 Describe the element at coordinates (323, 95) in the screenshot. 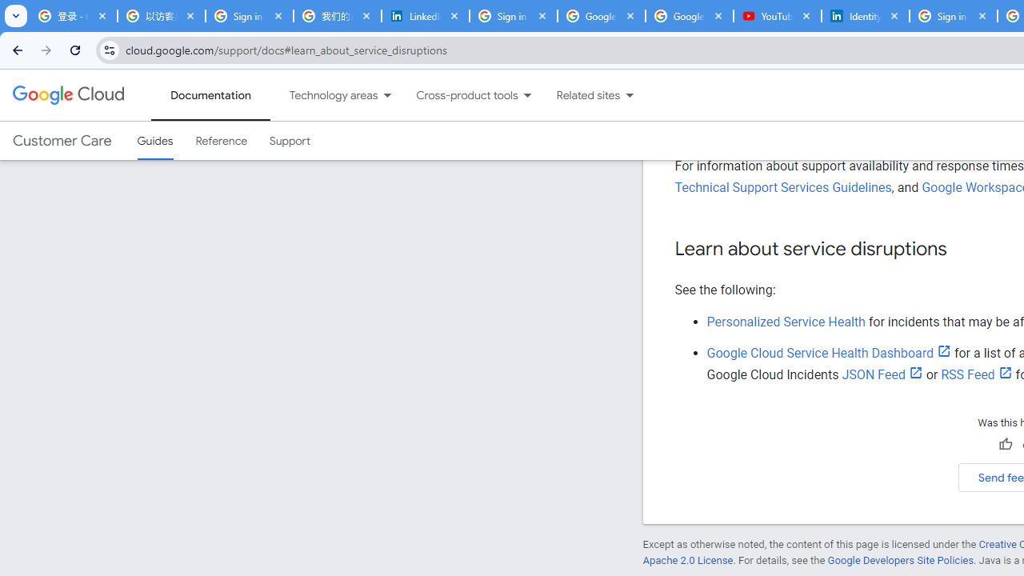

I see `'Technology areas'` at that location.